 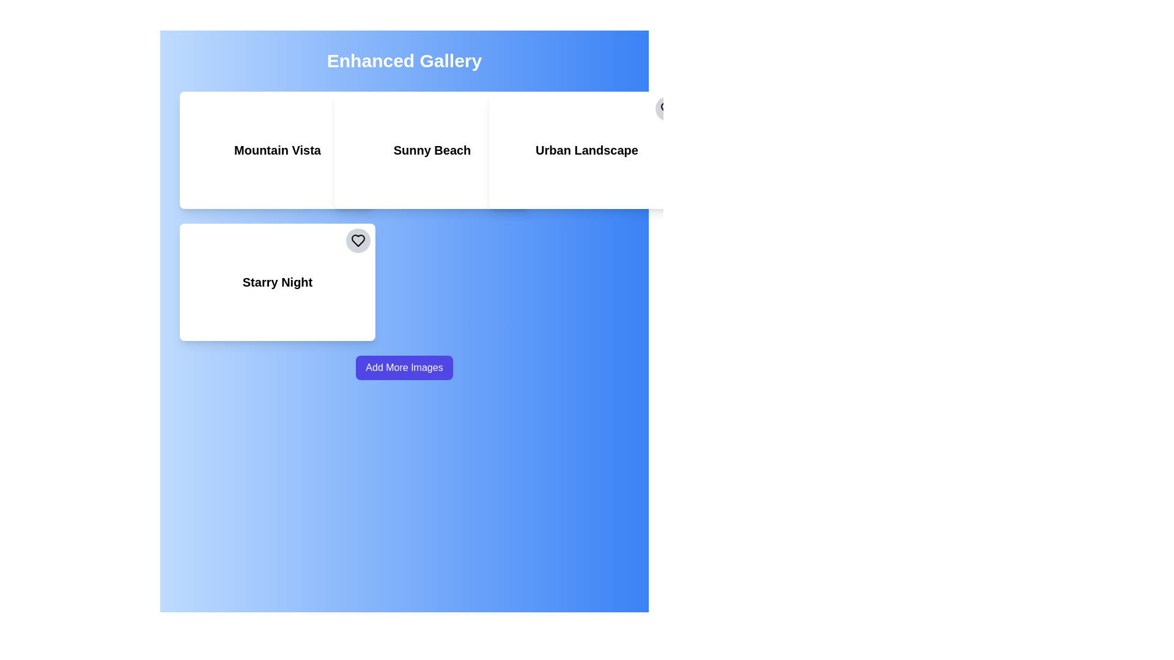 I want to click on the 'Starry Night' card component, which is a rounded rectangular card with a white background and a heart icon in the top-right corner, so click(x=277, y=282).